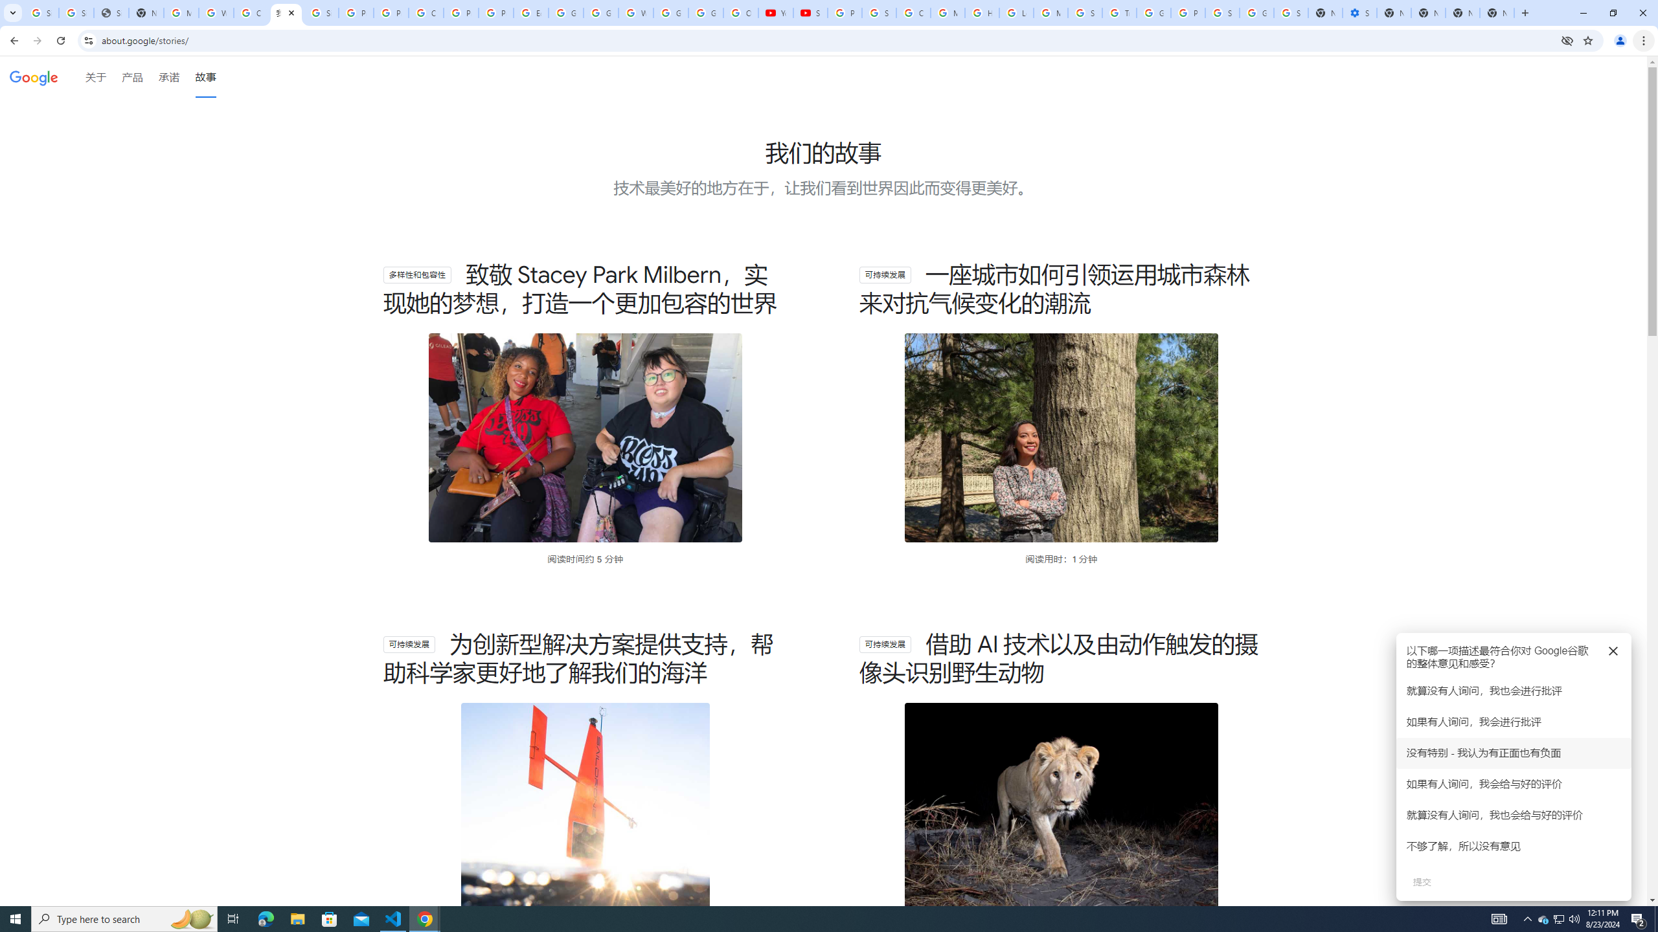 This screenshot has height=932, width=1658. What do you see at coordinates (34, 77) in the screenshot?
I see `'Google'` at bounding box center [34, 77].